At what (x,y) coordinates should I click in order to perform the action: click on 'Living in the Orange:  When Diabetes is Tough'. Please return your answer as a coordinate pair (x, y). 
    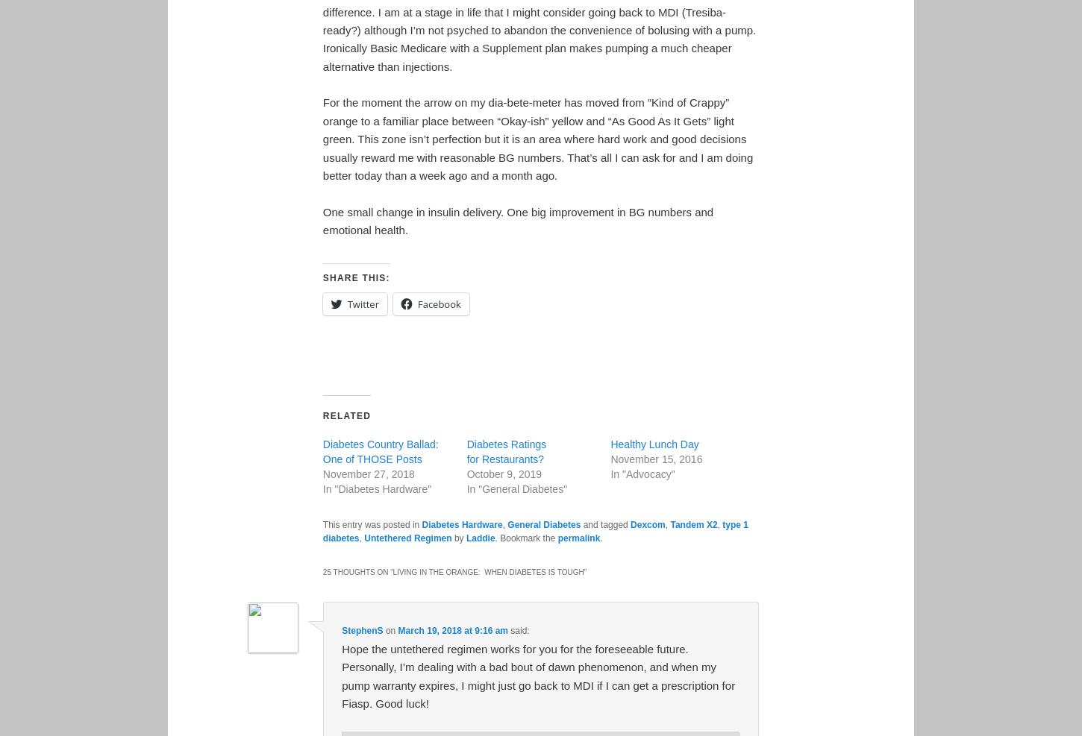
    Looking at the image, I should click on (487, 571).